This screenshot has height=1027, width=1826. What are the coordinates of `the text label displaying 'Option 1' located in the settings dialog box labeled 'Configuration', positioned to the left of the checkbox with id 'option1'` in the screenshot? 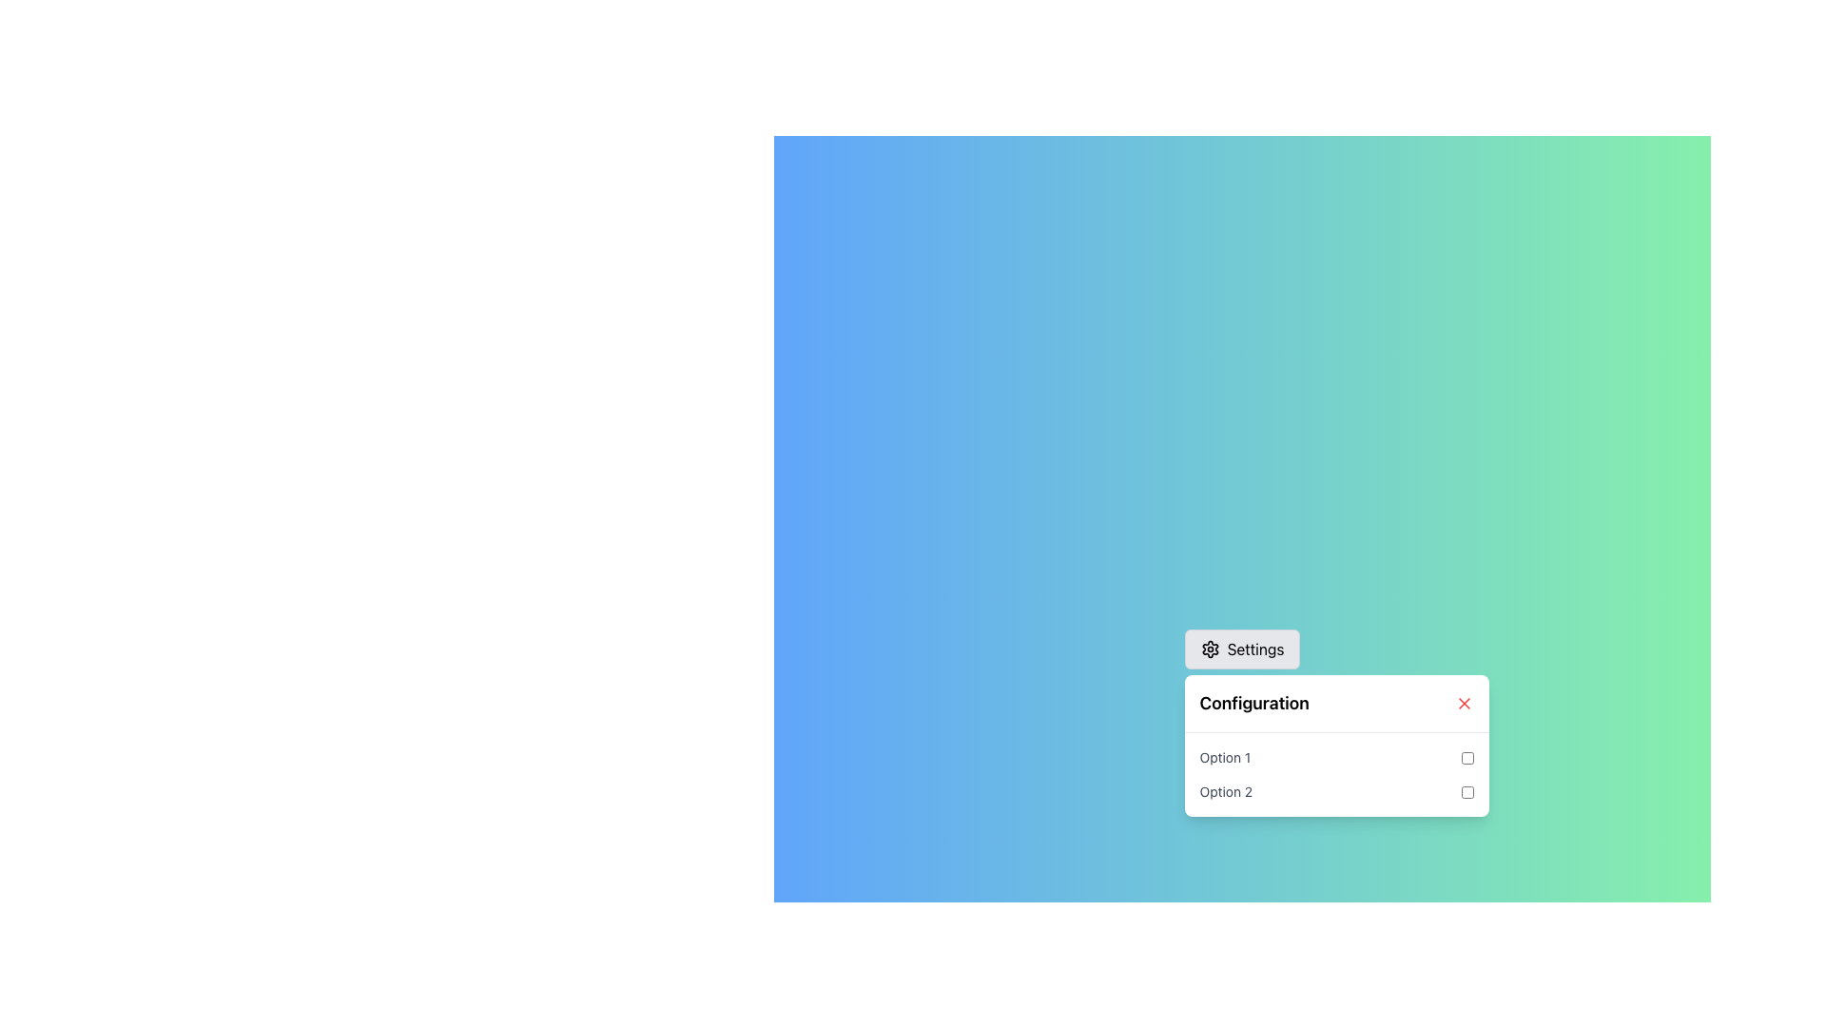 It's located at (1225, 757).